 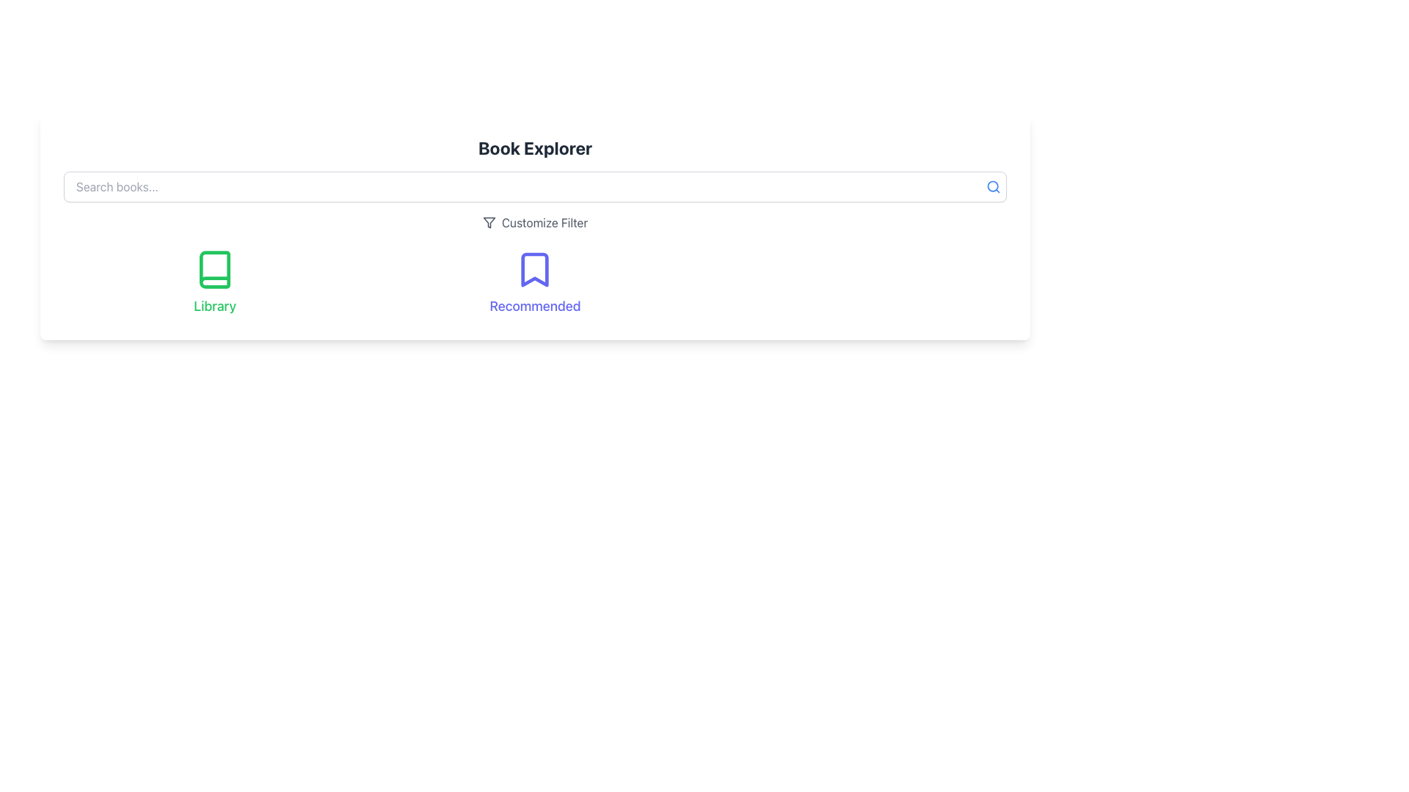 I want to click on the 'Customize Filter' button surrounding the filter icon, so click(x=489, y=223).